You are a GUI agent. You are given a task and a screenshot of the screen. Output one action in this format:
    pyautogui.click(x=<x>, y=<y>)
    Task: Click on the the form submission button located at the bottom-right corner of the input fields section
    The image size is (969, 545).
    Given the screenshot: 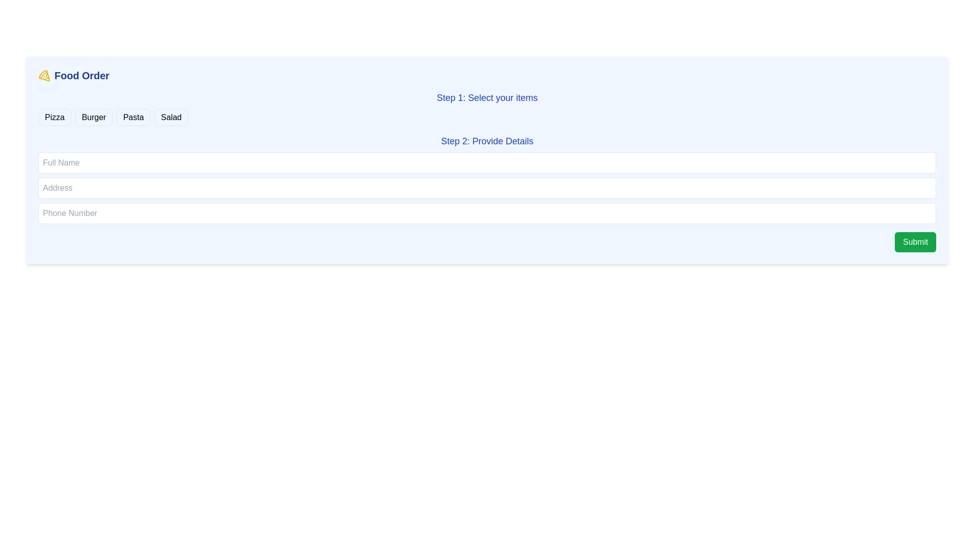 What is the action you would take?
    pyautogui.click(x=916, y=242)
    